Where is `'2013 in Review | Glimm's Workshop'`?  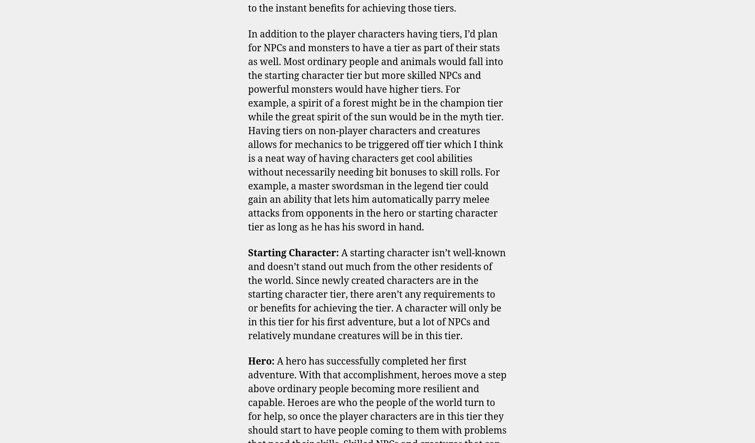
'2013 in Review | Glimm's Workshop' is located at coordinates (248, 171).